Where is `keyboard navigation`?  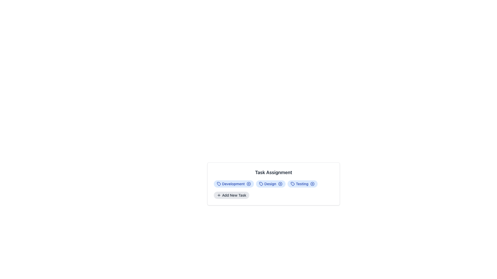
keyboard navigation is located at coordinates (280, 184).